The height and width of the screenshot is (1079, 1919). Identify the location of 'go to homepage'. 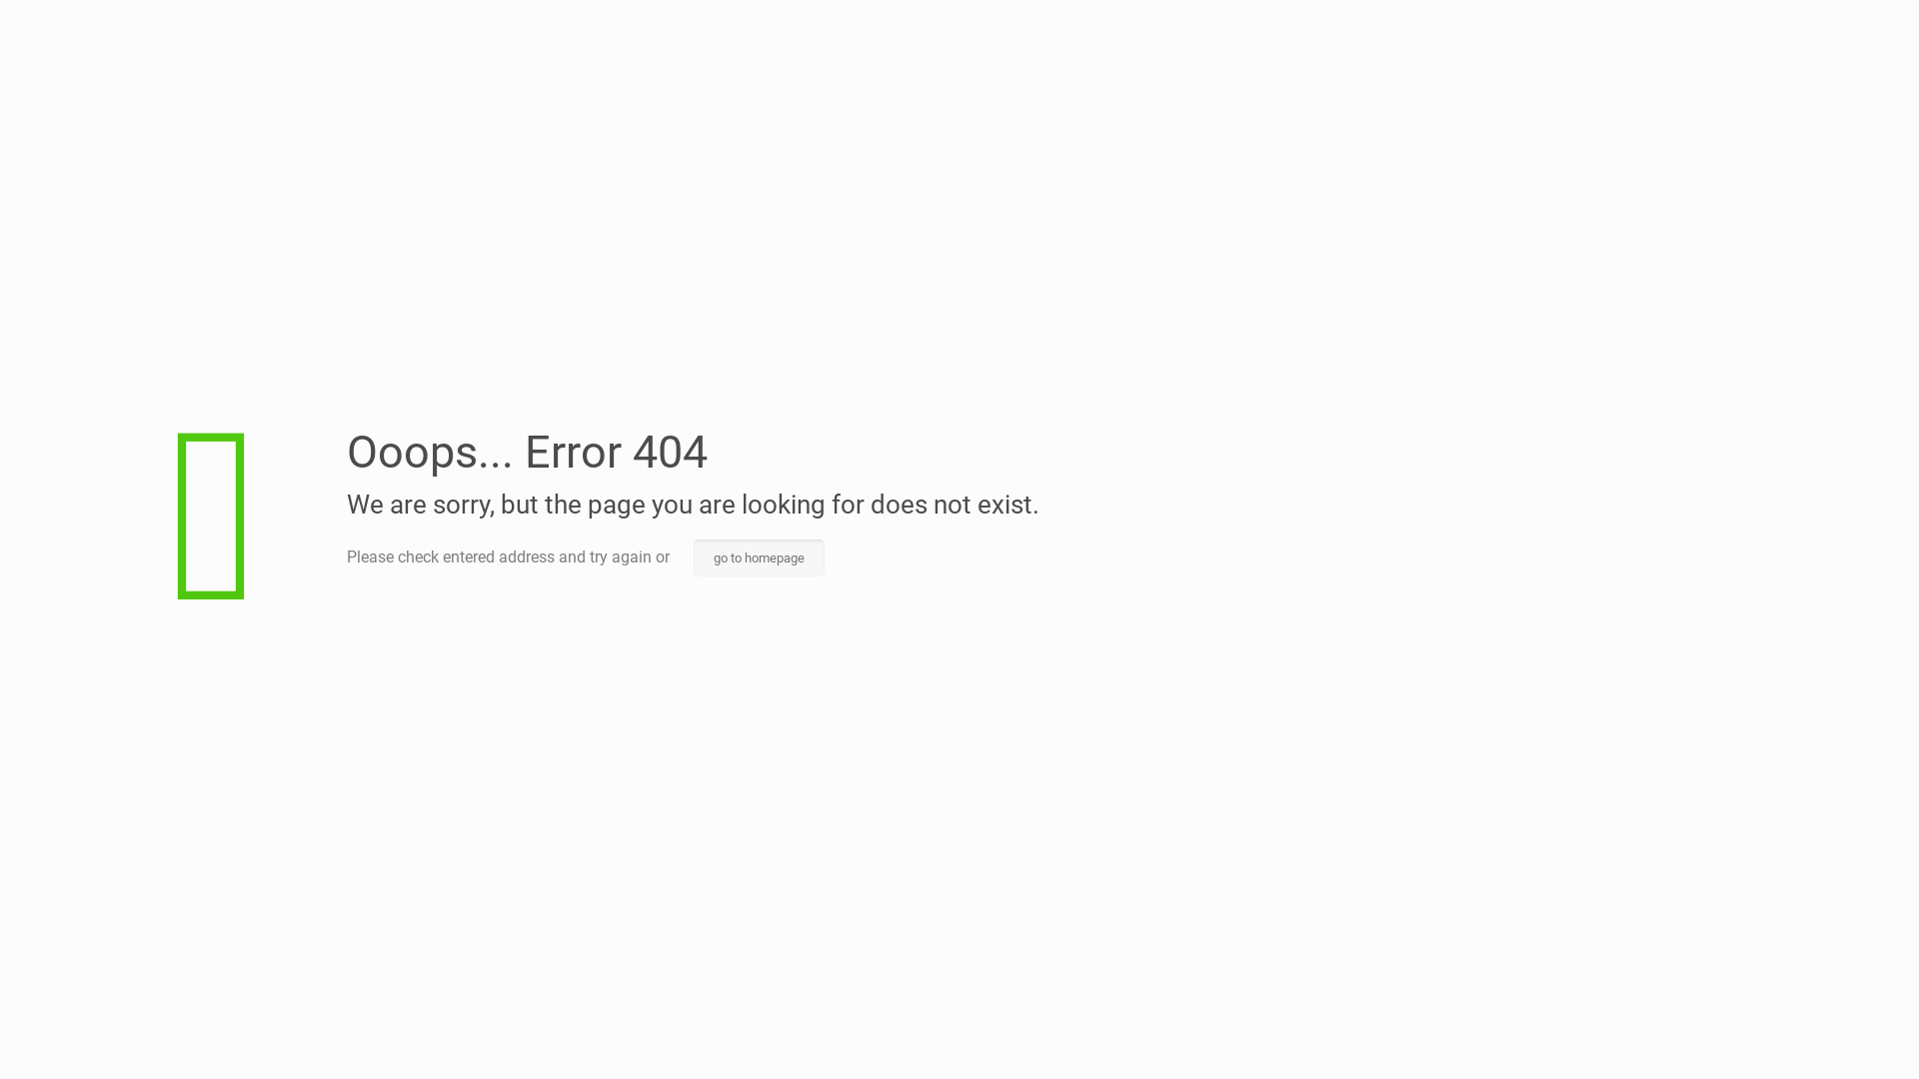
(694, 557).